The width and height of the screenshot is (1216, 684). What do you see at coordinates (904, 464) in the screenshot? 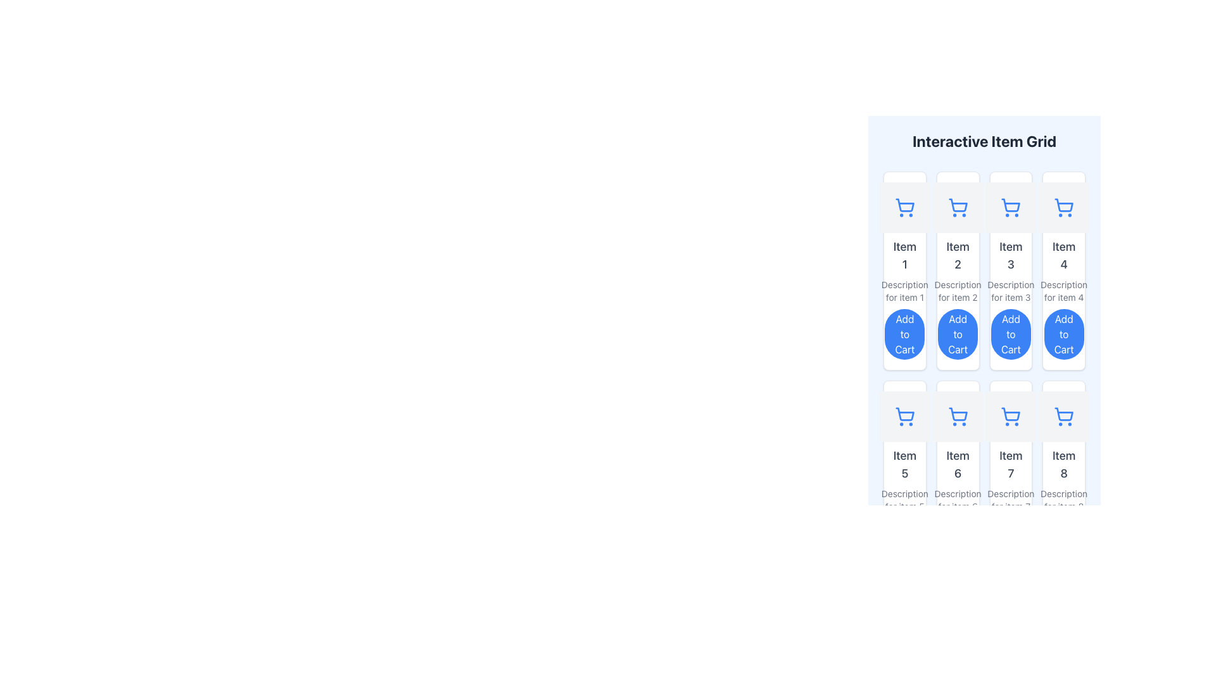
I see `the text label 'Item 5' displayed in medium-sized gray font within the grid layout` at bounding box center [904, 464].